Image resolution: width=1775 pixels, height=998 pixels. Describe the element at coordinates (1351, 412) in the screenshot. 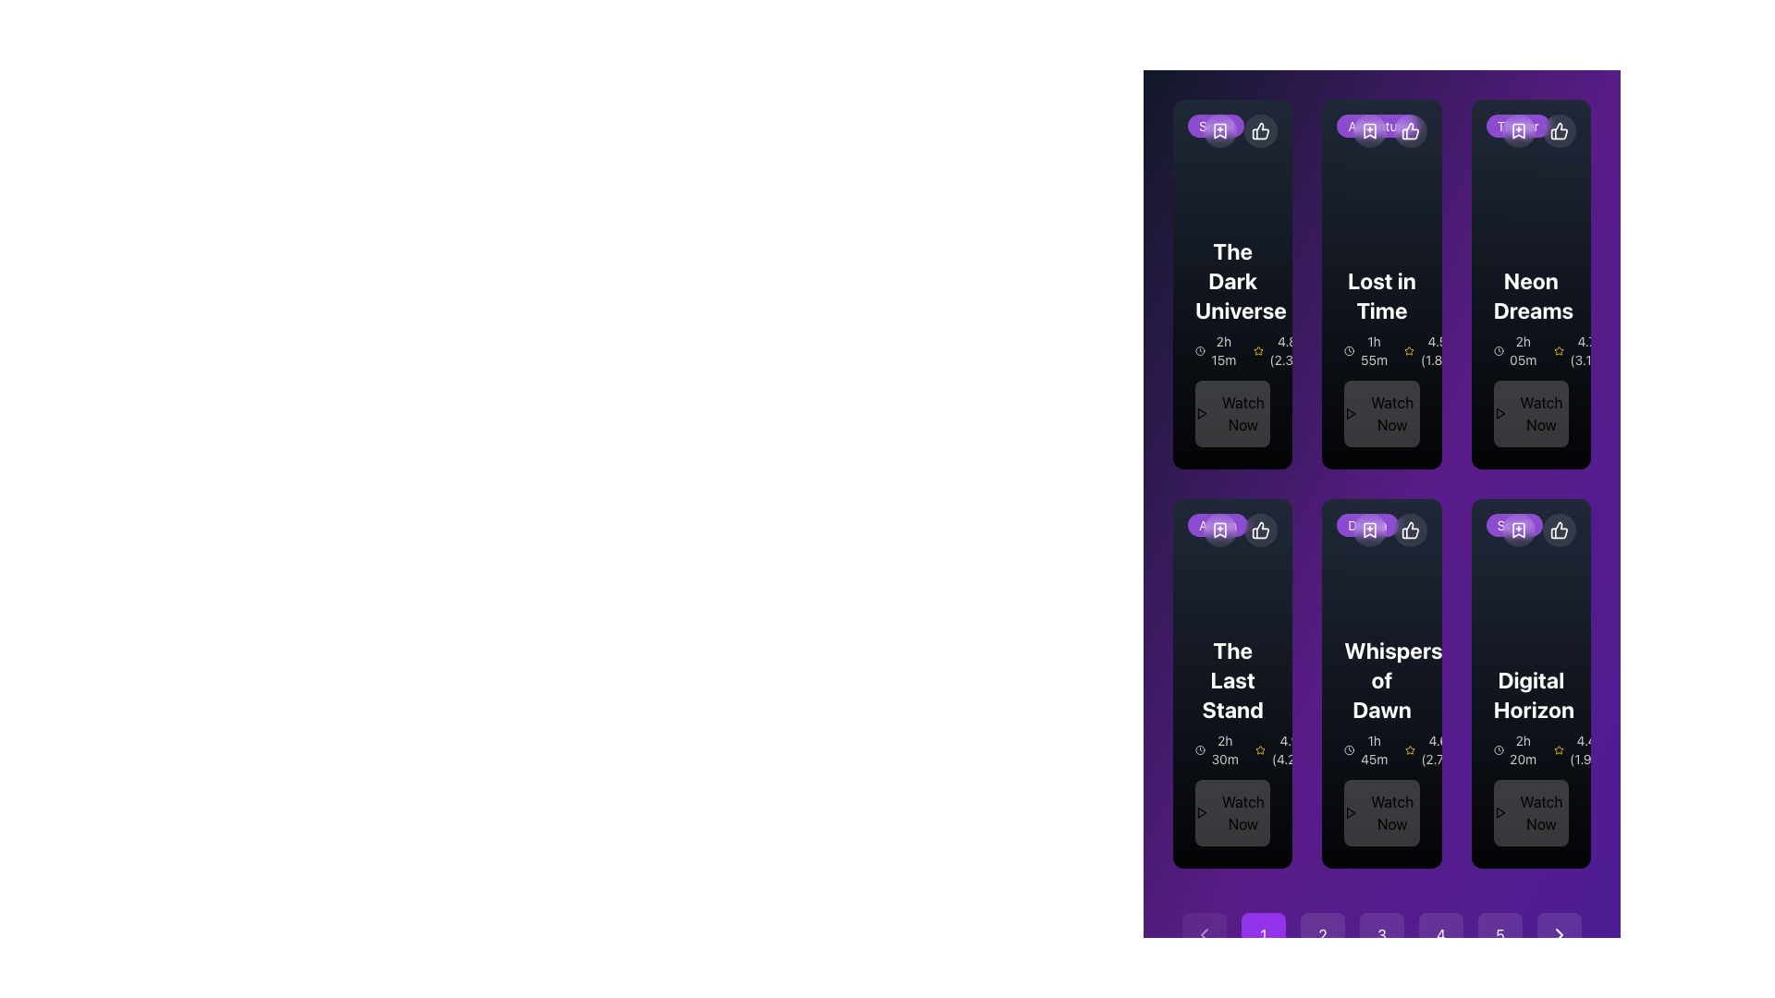

I see `the play icon inside the 'Lost in Time' button` at that location.